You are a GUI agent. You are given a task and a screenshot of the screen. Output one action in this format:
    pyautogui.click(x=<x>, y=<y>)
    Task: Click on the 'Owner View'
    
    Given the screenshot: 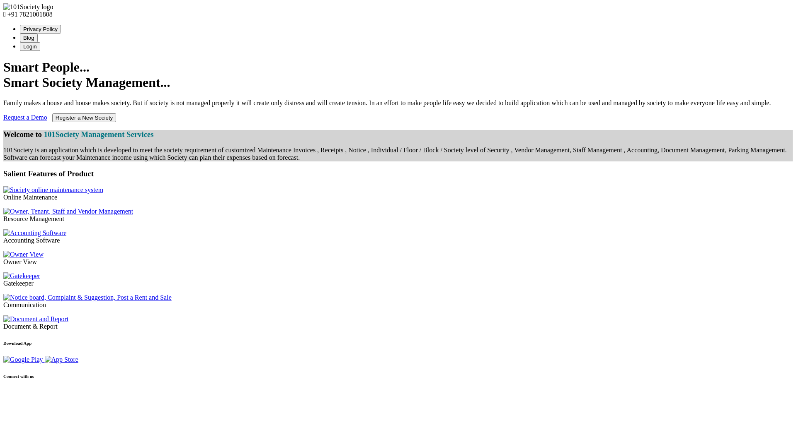 What is the action you would take?
    pyautogui.click(x=23, y=254)
    